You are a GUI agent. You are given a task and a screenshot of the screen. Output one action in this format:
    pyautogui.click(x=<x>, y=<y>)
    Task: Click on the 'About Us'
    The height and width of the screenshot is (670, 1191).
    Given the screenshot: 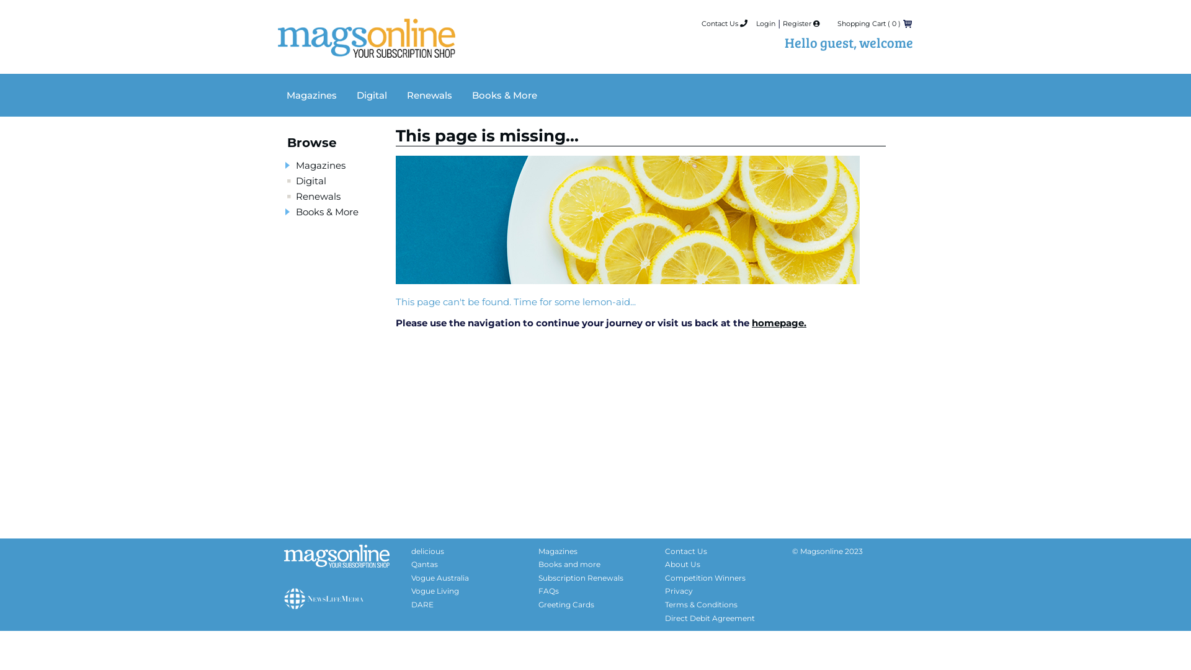 What is the action you would take?
    pyautogui.click(x=682, y=564)
    